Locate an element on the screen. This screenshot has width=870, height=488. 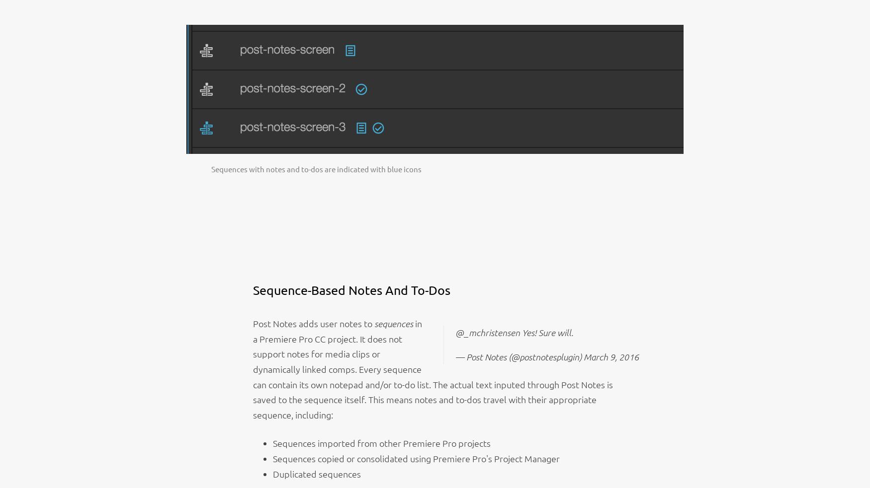
'Yes! Sure will.' is located at coordinates (519, 332).